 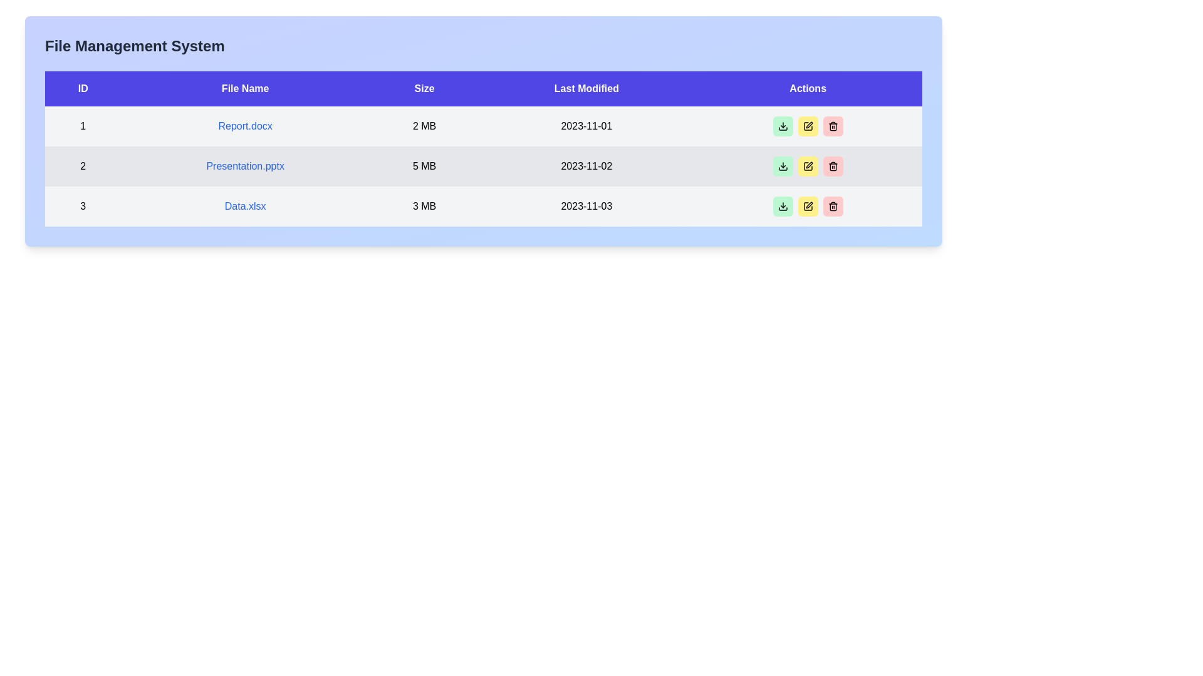 What do you see at coordinates (808, 126) in the screenshot?
I see `the edit icon with a yellow background in the 'Actions' column for the file 'Presentation.pptx'` at bounding box center [808, 126].